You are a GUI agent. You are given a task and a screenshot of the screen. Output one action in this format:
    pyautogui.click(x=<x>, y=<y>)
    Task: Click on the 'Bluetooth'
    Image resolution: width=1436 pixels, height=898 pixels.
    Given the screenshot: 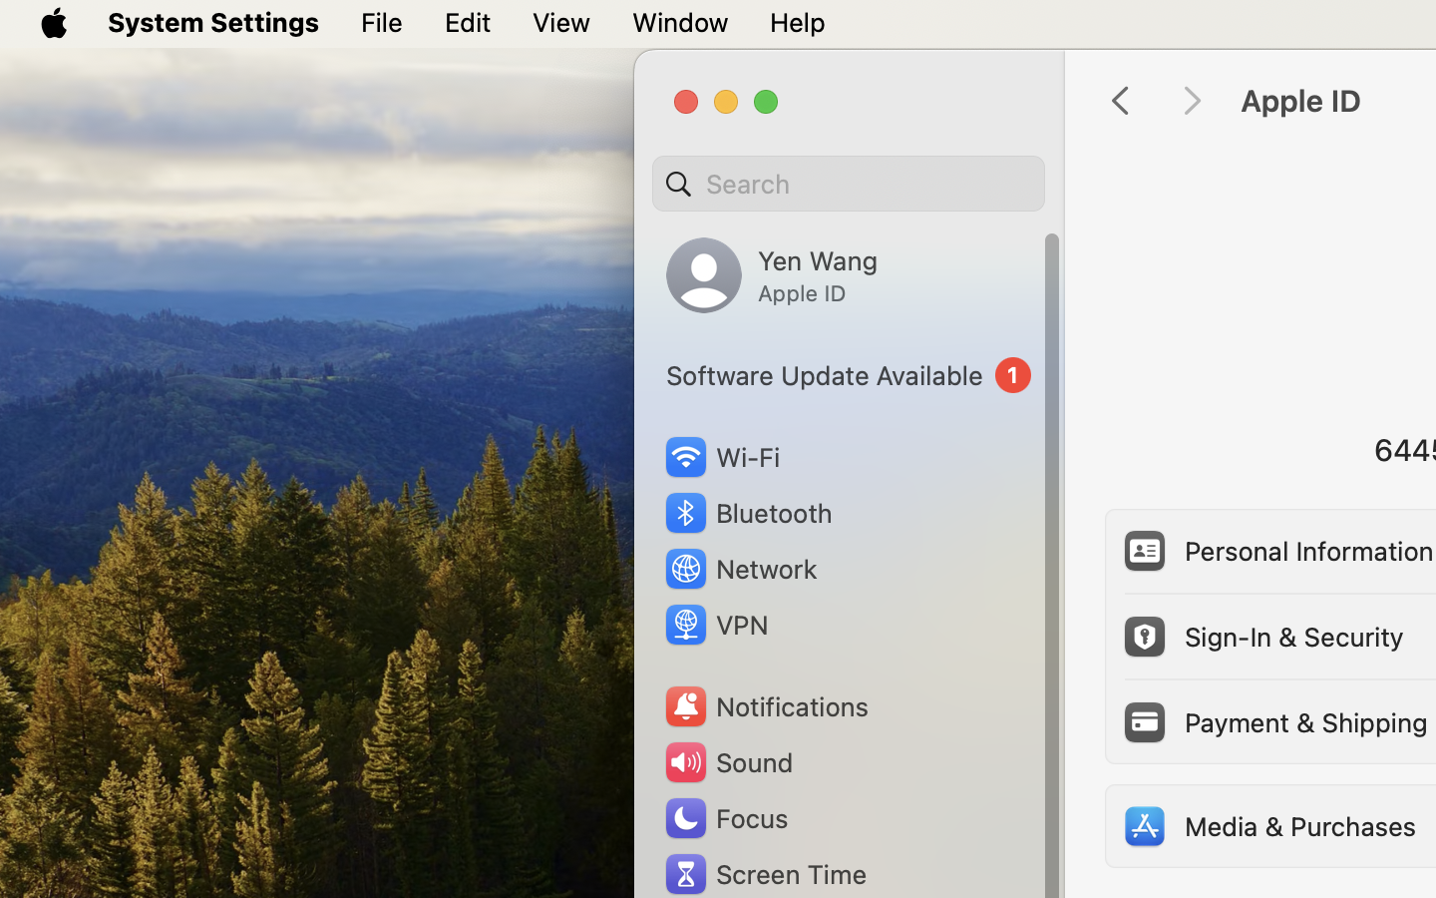 What is the action you would take?
    pyautogui.click(x=746, y=511)
    